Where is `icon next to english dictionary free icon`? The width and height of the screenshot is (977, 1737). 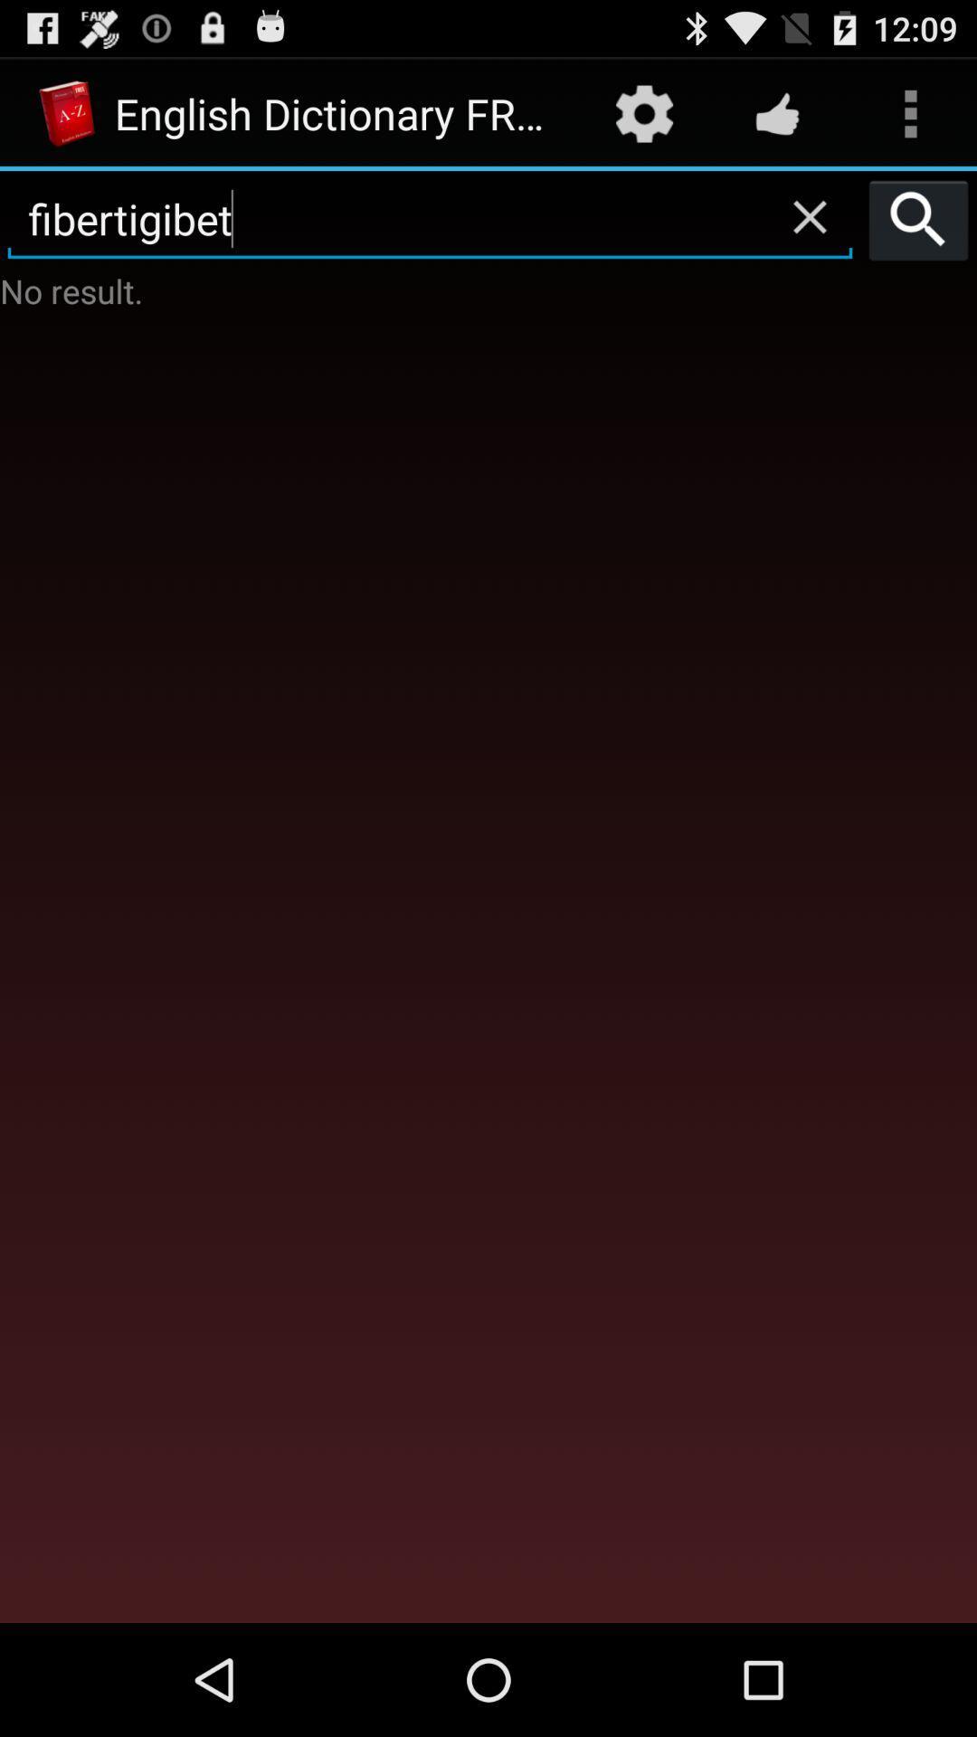 icon next to english dictionary free icon is located at coordinates (643, 112).